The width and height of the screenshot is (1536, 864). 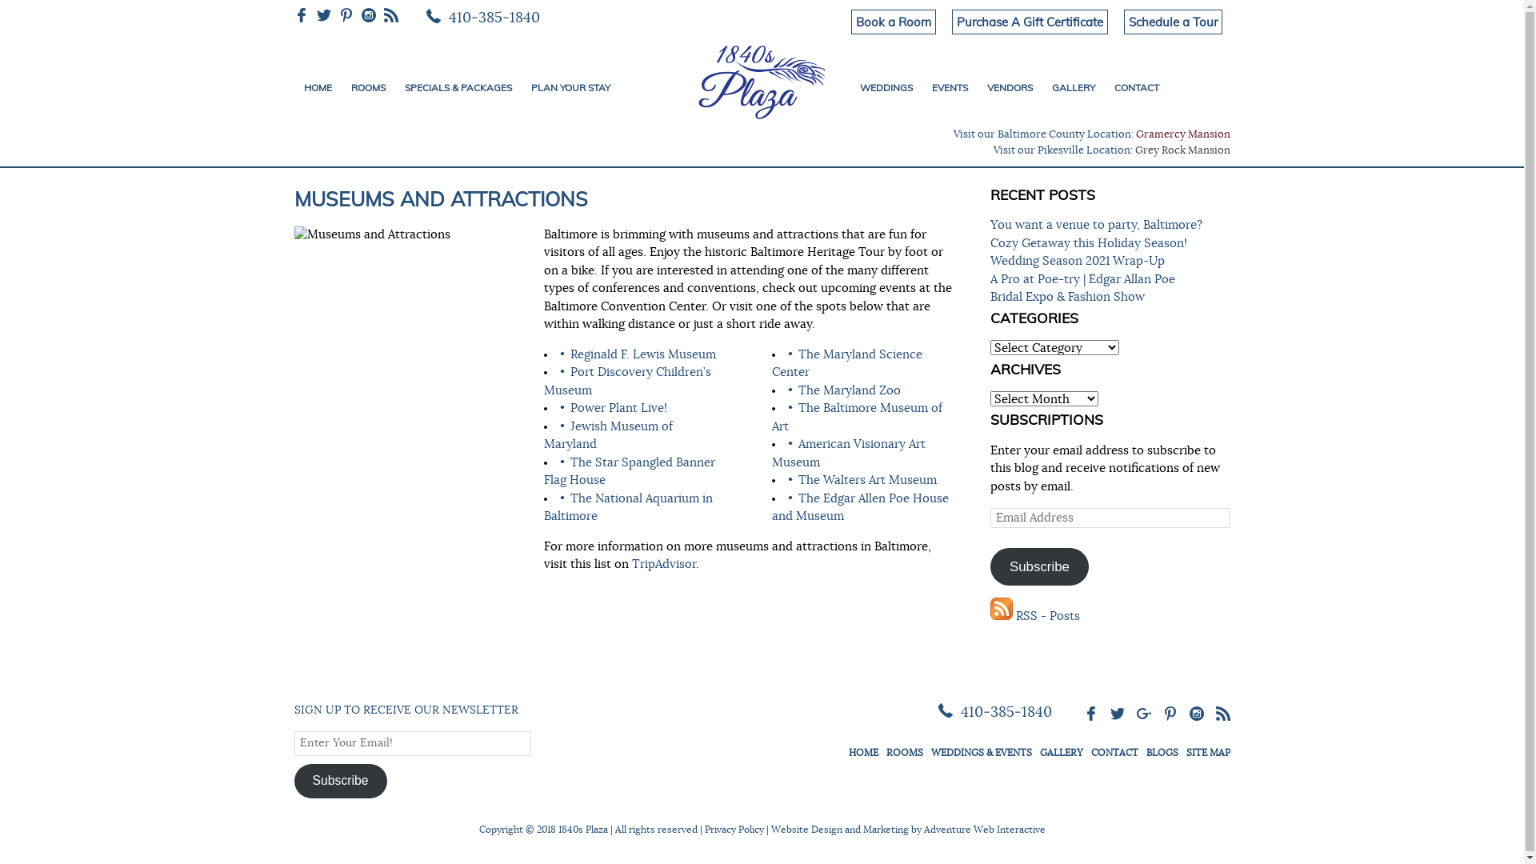 What do you see at coordinates (366, 88) in the screenshot?
I see `'ROOMS'` at bounding box center [366, 88].